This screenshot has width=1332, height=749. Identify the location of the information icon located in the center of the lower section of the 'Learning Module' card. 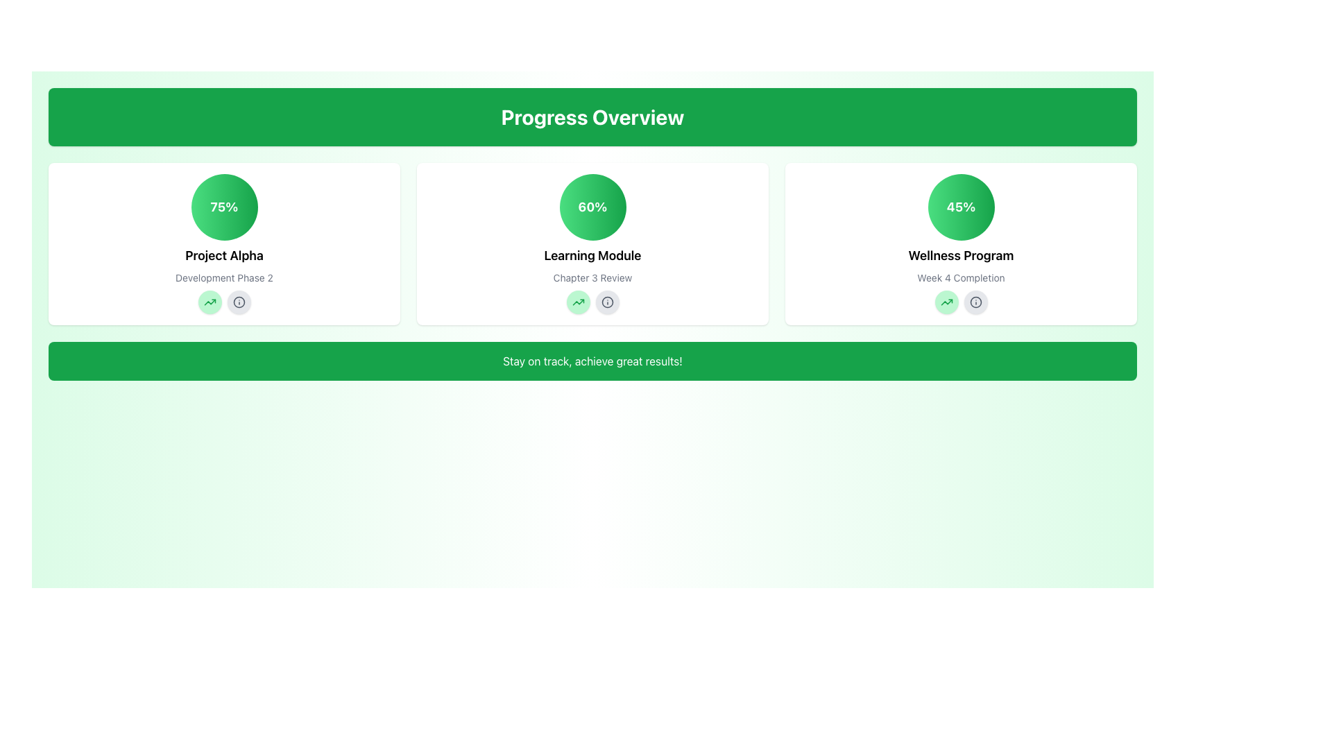
(607, 301).